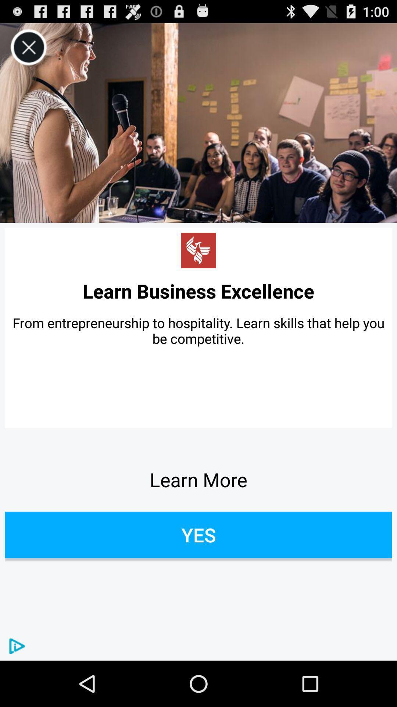  I want to click on icon above the learn business excellence, so click(28, 47).